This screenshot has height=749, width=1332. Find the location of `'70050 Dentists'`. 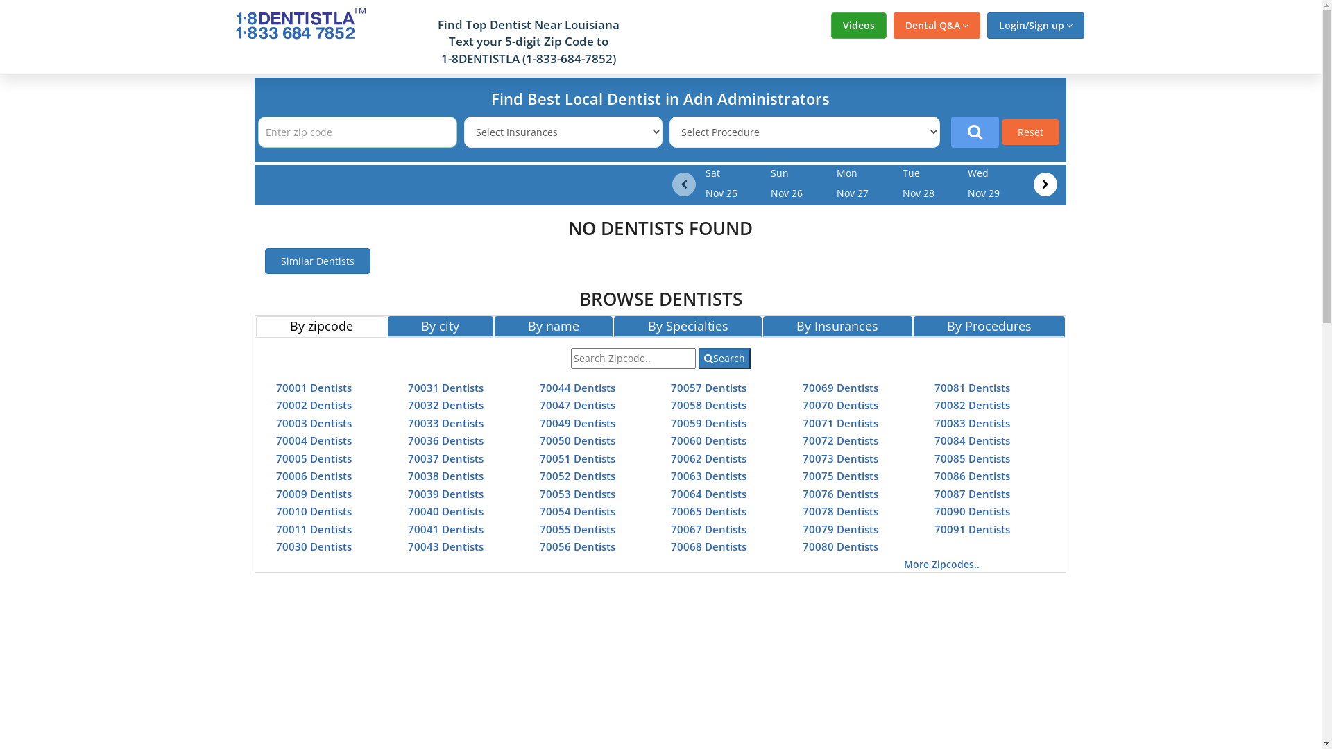

'70050 Dentists' is located at coordinates (577, 440).